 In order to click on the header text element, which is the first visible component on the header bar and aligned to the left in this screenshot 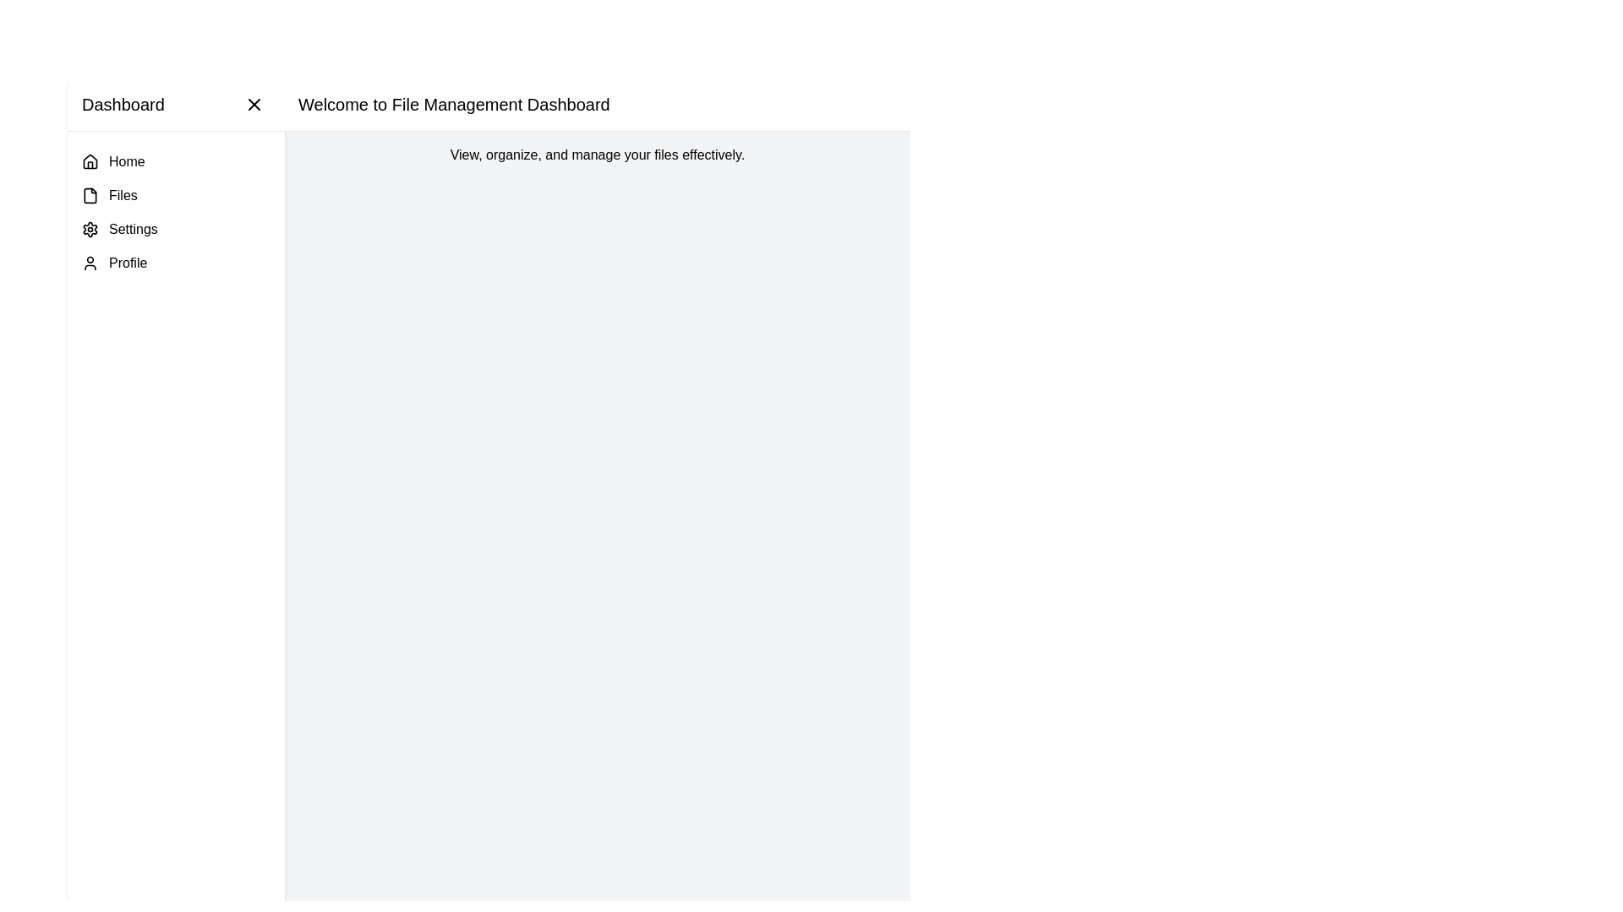, I will do `click(122, 104)`.